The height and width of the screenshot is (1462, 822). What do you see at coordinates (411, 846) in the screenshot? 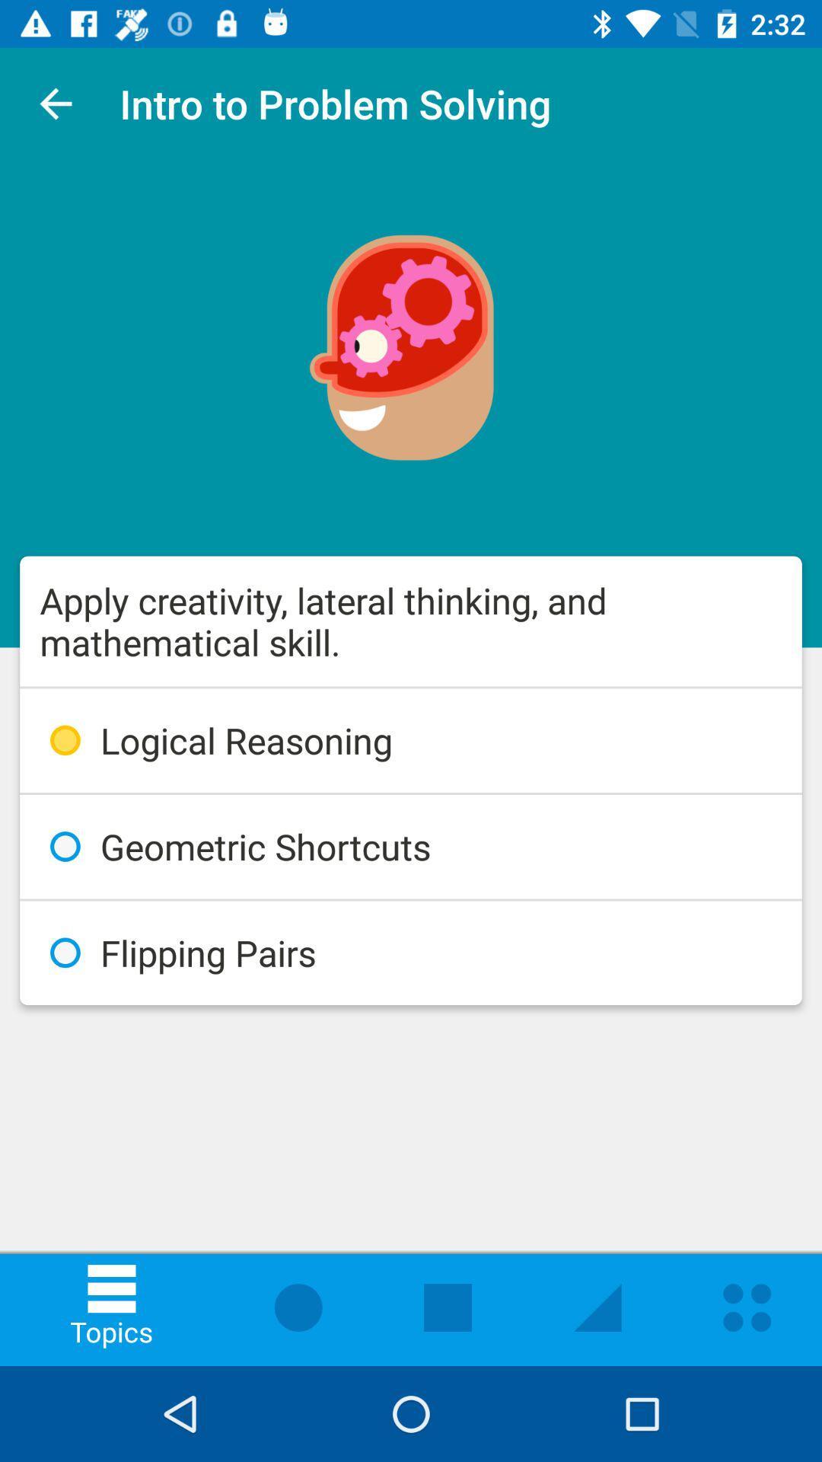
I see `geometric shortcuts icon` at bounding box center [411, 846].